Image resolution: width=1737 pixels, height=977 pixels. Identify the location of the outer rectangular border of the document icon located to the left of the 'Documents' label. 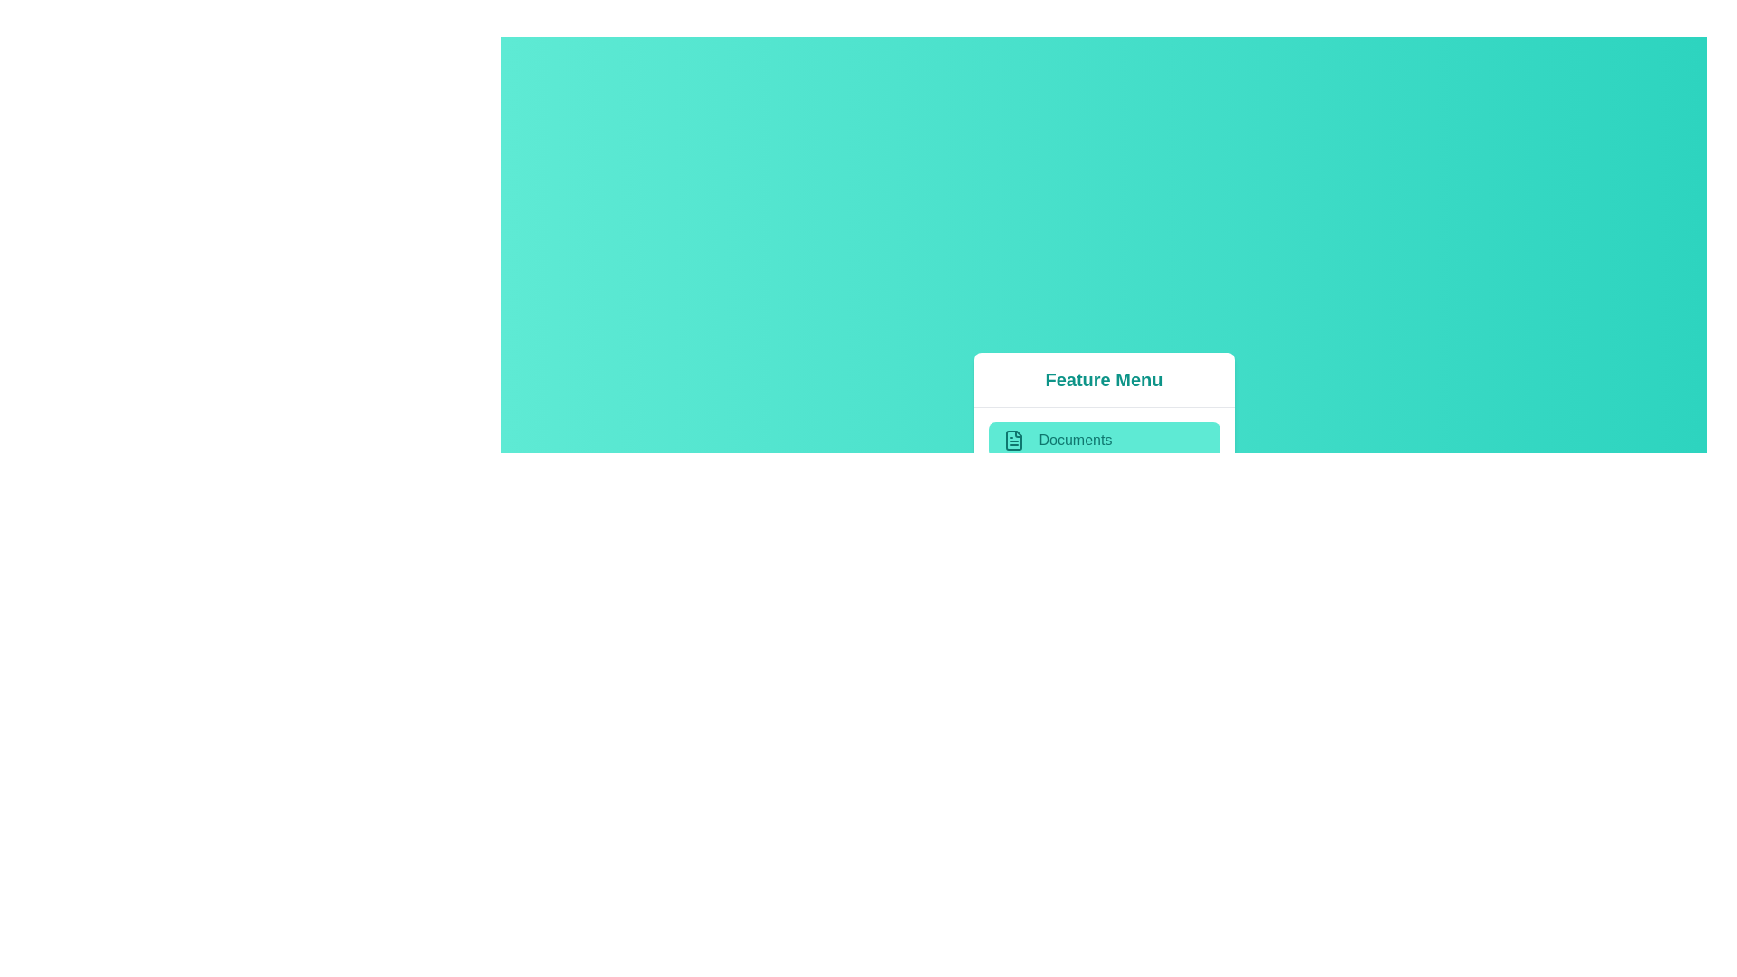
(1013, 440).